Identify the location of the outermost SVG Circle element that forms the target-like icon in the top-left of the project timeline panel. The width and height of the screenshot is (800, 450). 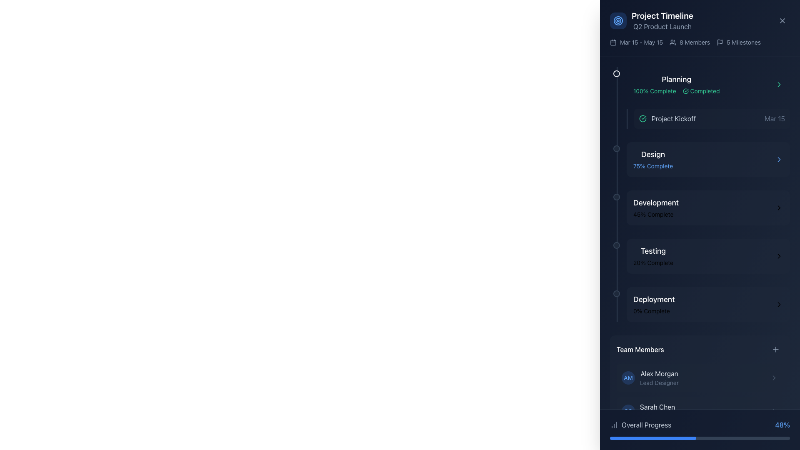
(618, 20).